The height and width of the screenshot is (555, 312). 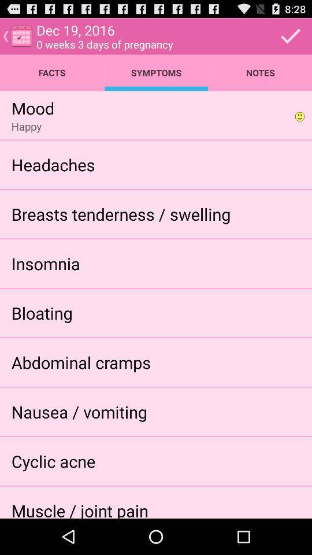 What do you see at coordinates (33, 108) in the screenshot?
I see `icon above the happy app` at bounding box center [33, 108].